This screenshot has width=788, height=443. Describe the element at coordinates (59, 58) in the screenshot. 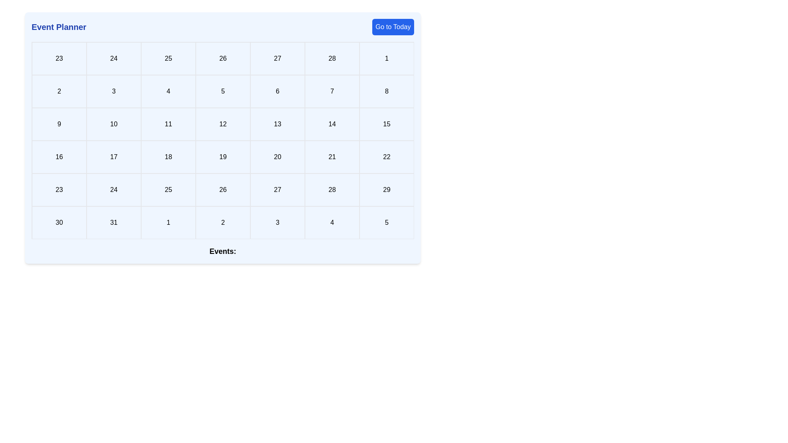

I see `the Date cell displaying the number '23' in the calendar grid` at that location.